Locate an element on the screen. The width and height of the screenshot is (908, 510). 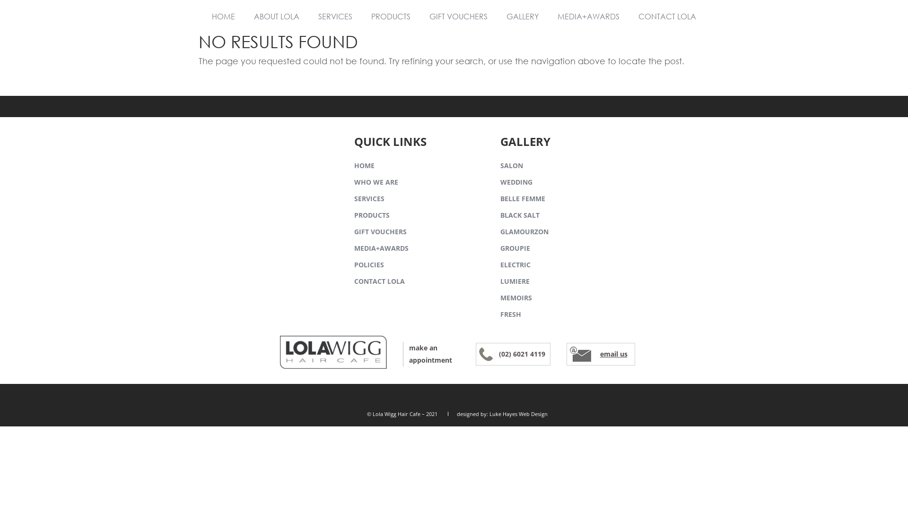
'GROUPIE' is located at coordinates (515, 248).